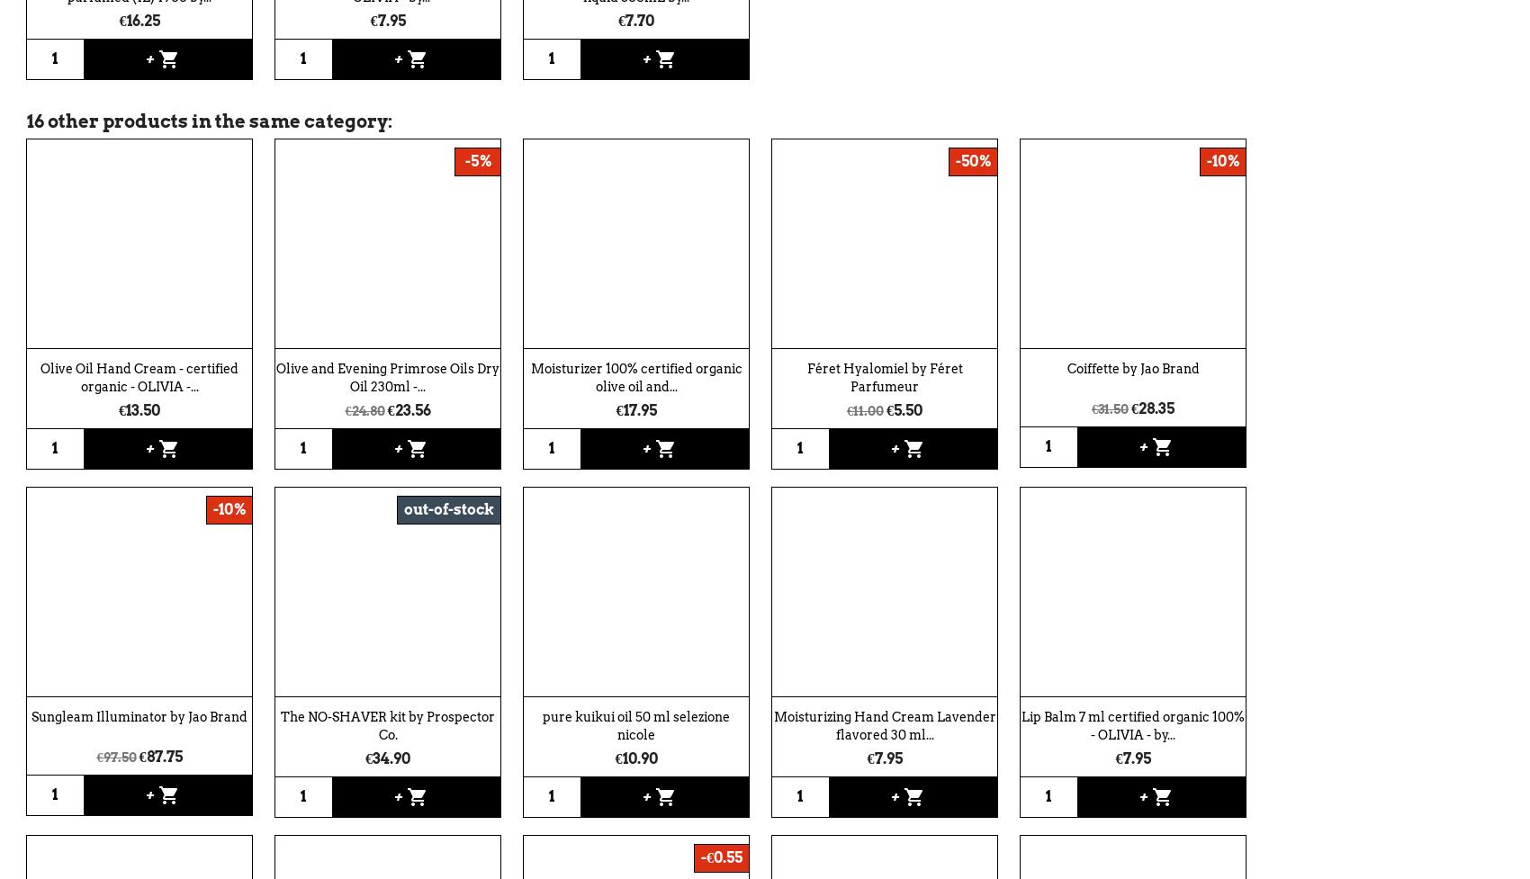 Image resolution: width=1530 pixels, height=879 pixels. What do you see at coordinates (636, 20) in the screenshot?
I see `'€7.70'` at bounding box center [636, 20].